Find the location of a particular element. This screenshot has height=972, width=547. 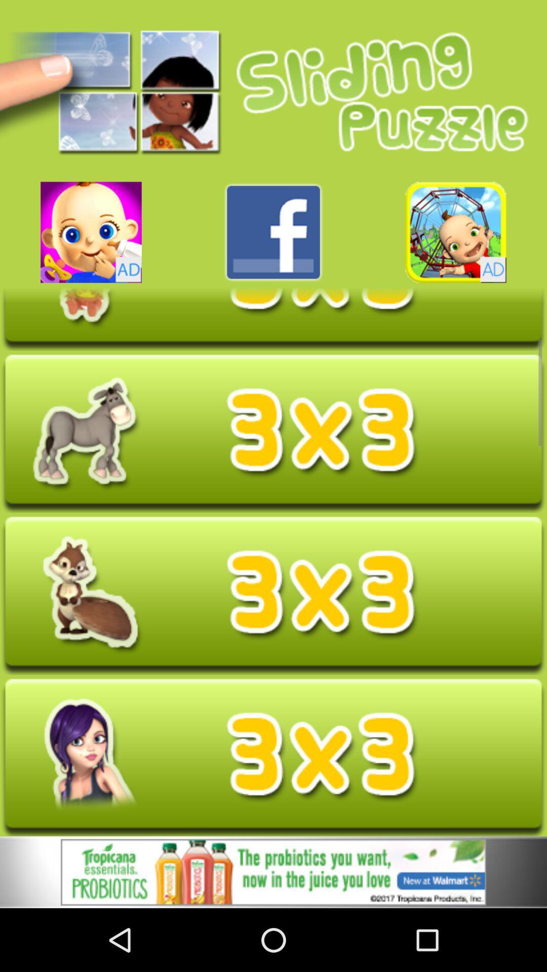

click icon is located at coordinates (273, 433).